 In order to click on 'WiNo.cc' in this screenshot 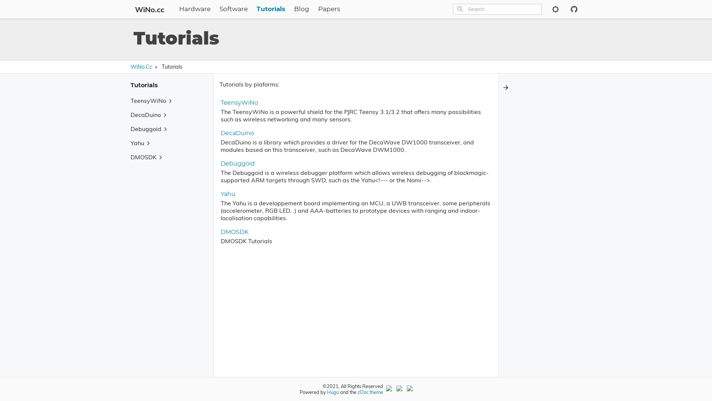, I will do `click(132, 9)`.